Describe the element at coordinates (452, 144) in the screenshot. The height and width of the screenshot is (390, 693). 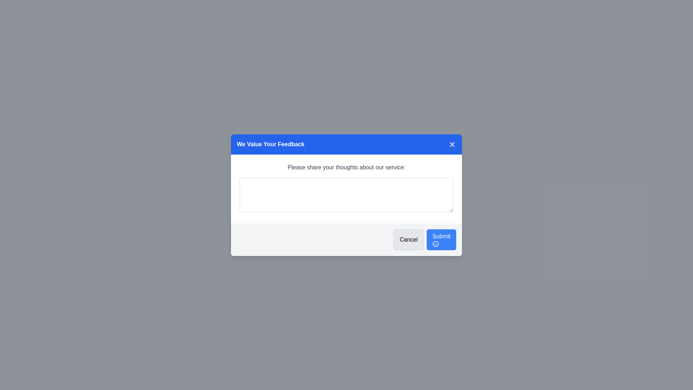
I see `the close button located in the top-right corner of the blue header section stating 'We Value Your Feedback'` at that location.